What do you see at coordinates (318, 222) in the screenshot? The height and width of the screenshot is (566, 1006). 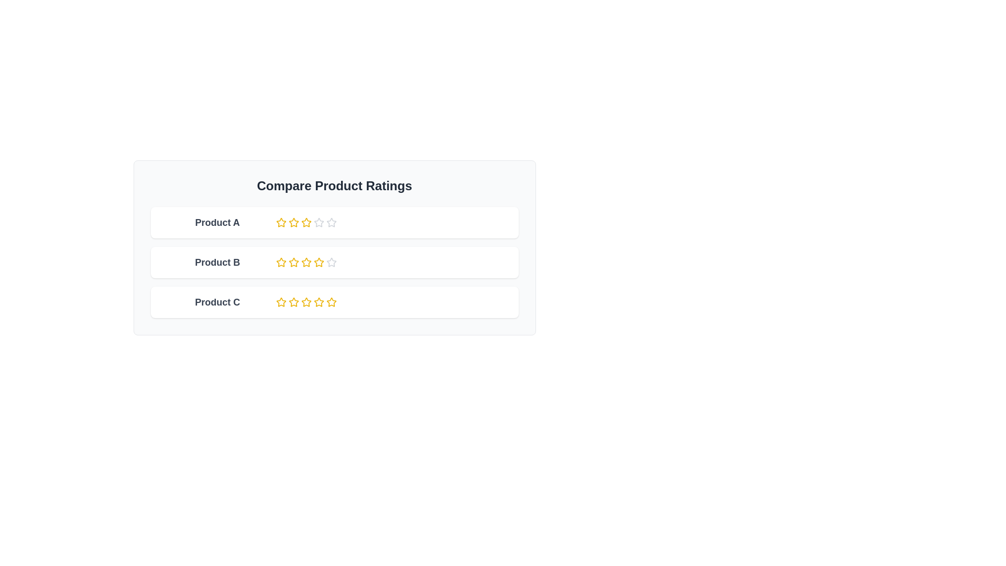 I see `the fifth outlined gray star icon in the product ratings section for 'Product A'` at bounding box center [318, 222].